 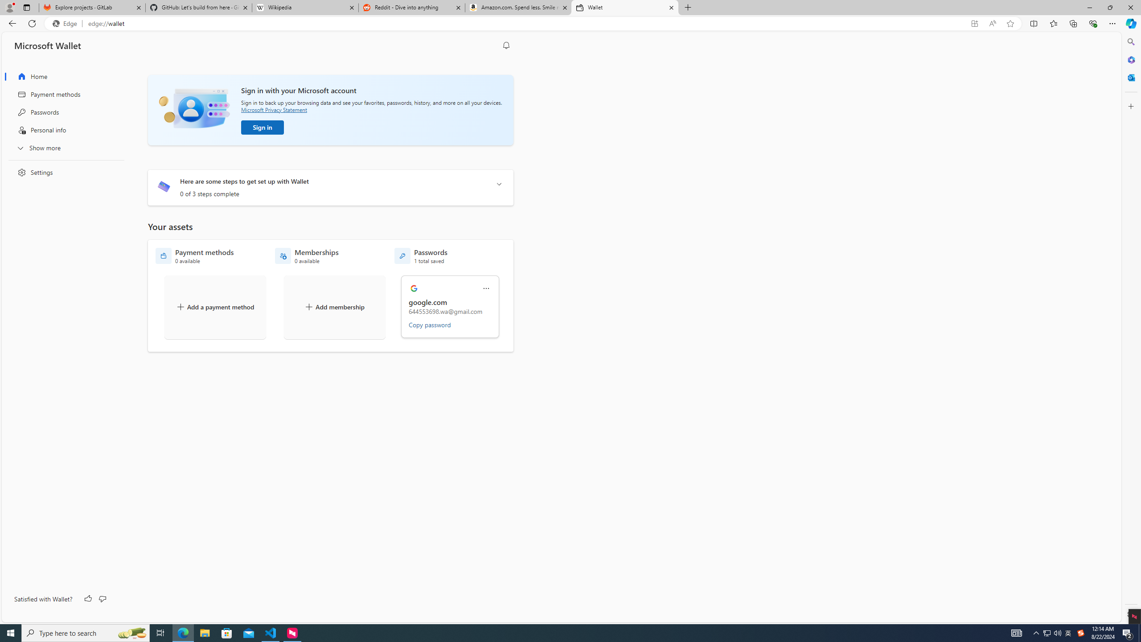 I want to click on 'Edge', so click(x=66, y=24).